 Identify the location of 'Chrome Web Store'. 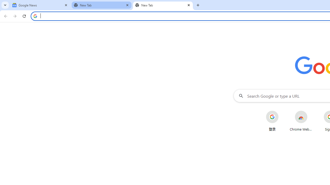
(301, 121).